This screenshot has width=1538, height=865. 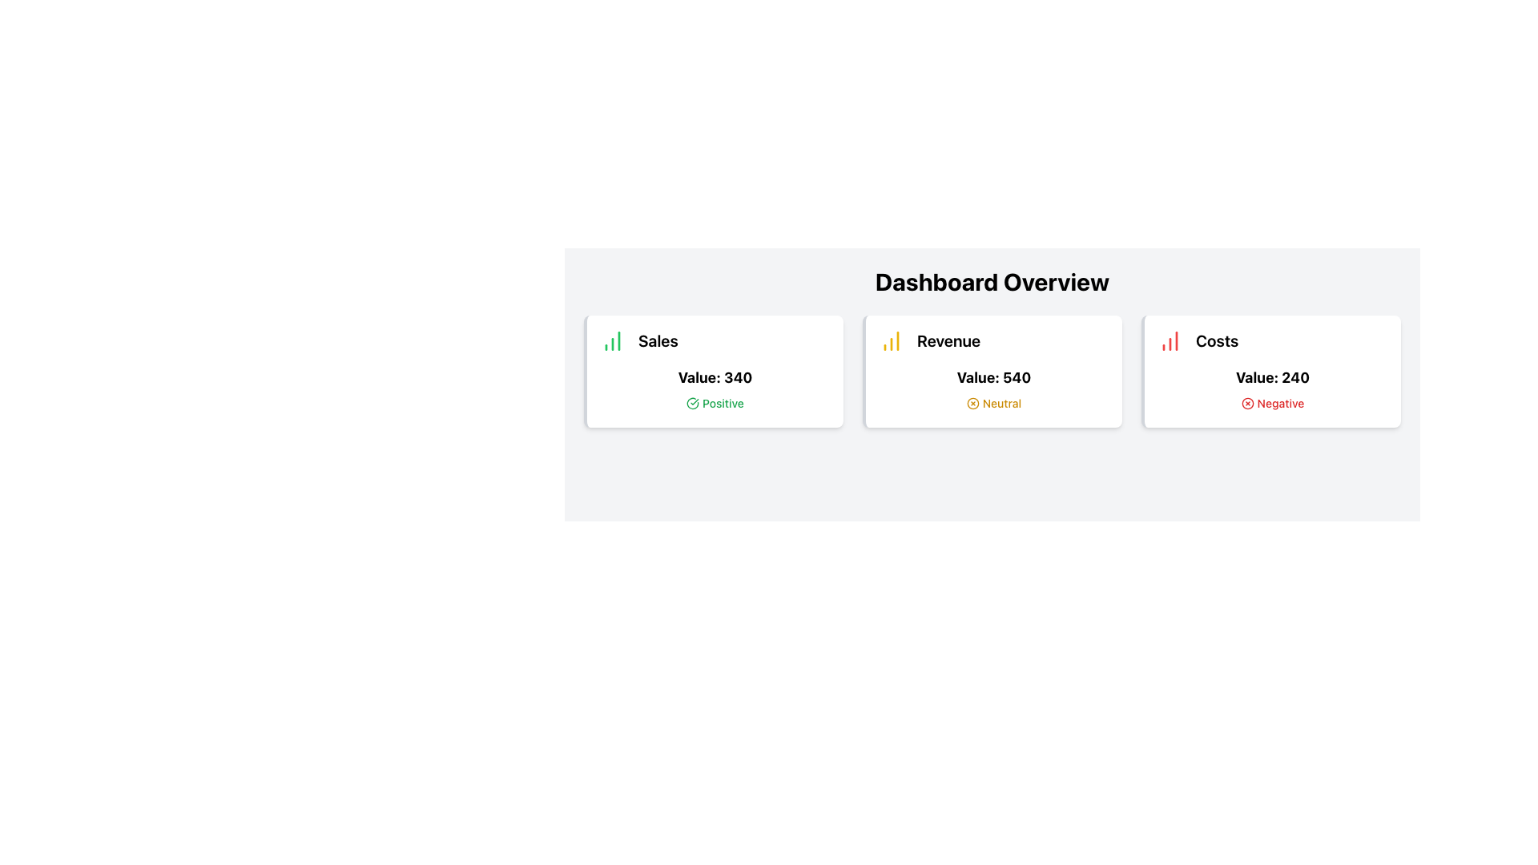 What do you see at coordinates (1217, 340) in the screenshot?
I see `the text label component displaying the word 'Costs' in bold, located in the rightmost card of the 'Dashboard Overview' section` at bounding box center [1217, 340].